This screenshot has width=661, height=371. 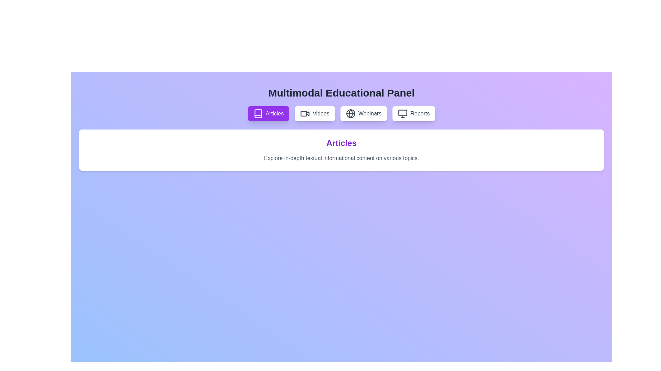 What do you see at coordinates (363, 113) in the screenshot?
I see `the 'Webinars' button located in the center of the interface, which is the third button in a row of four` at bounding box center [363, 113].